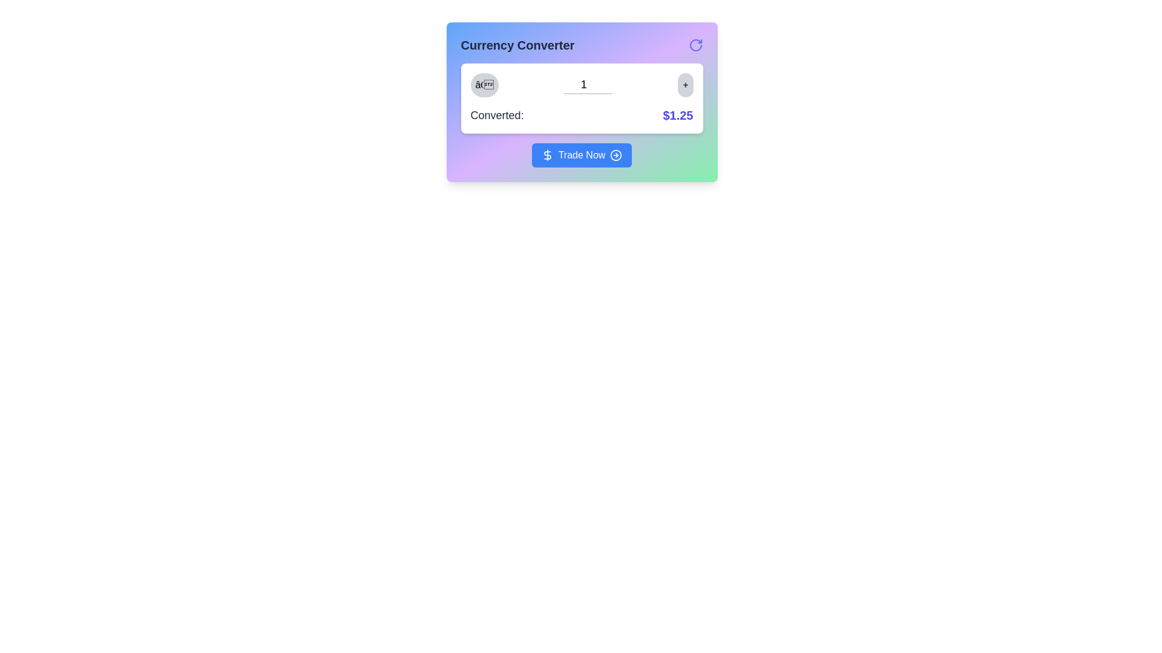 The height and width of the screenshot is (653, 1162). Describe the element at coordinates (616, 155) in the screenshot. I see `the decorative circular element inside the rightmost icon of the 'Trade Now' button, which is centered within the circular arrow-right icon` at that location.